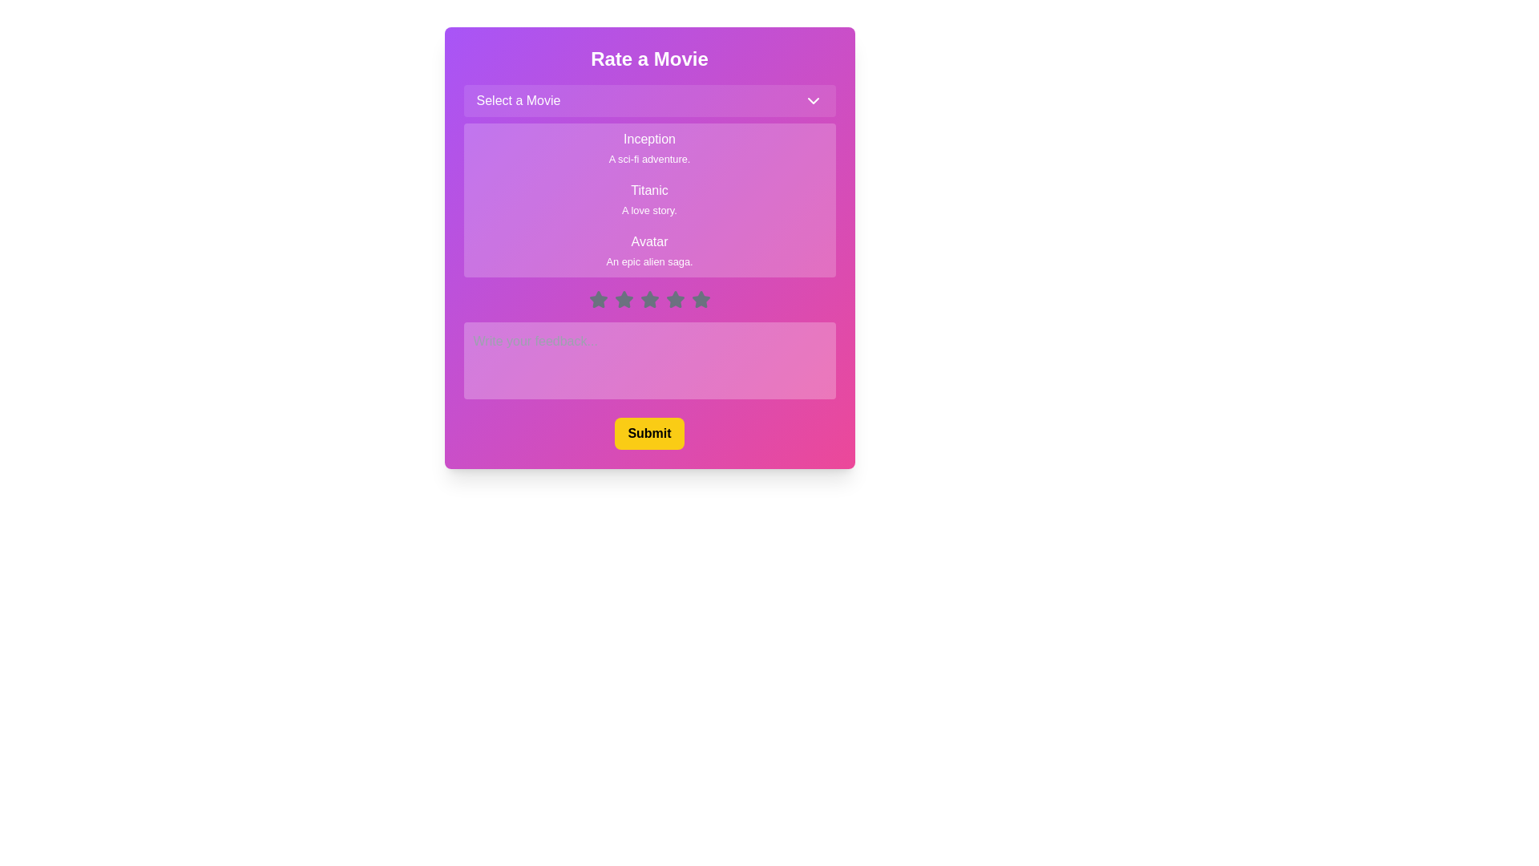 This screenshot has height=866, width=1539. Describe the element at coordinates (649, 58) in the screenshot. I see `the Header text that serves as the heading for the interface, providing context for rating a movie, located at the top of the dialog box` at that location.